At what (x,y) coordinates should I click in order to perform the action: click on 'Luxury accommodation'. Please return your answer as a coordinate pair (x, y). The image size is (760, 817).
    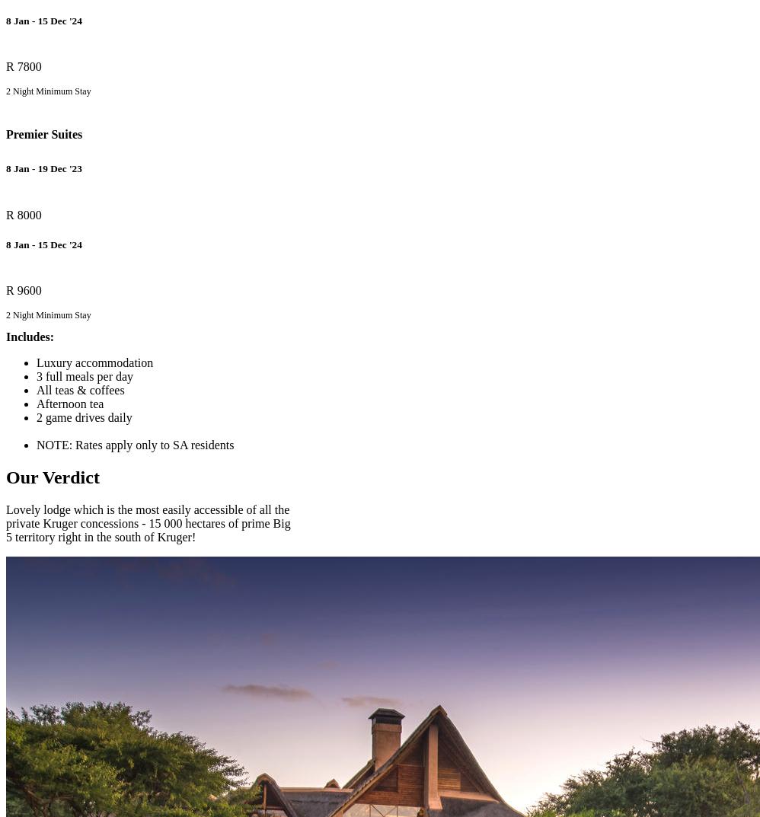
    Looking at the image, I should click on (94, 362).